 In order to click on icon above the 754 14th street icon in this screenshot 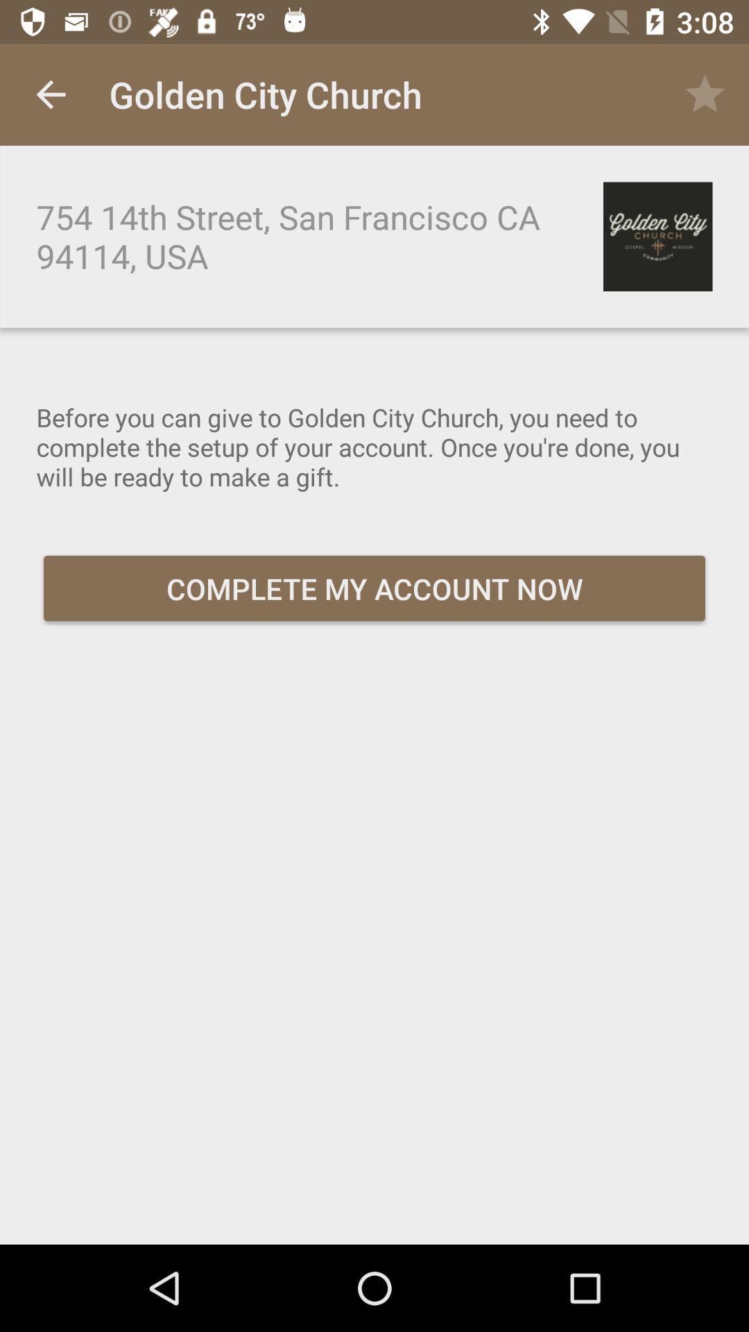, I will do `click(50, 94)`.